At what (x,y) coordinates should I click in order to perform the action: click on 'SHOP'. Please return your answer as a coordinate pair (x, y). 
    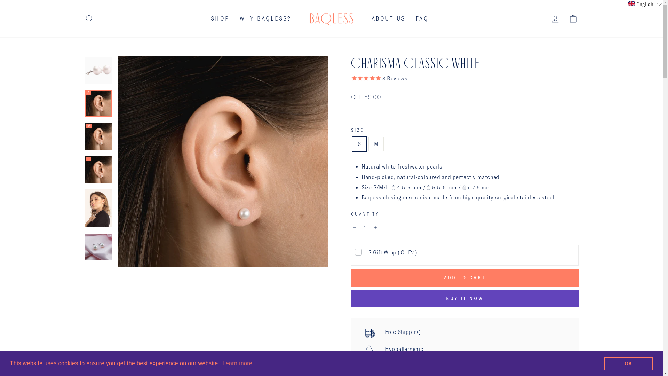
    Looking at the image, I should click on (220, 18).